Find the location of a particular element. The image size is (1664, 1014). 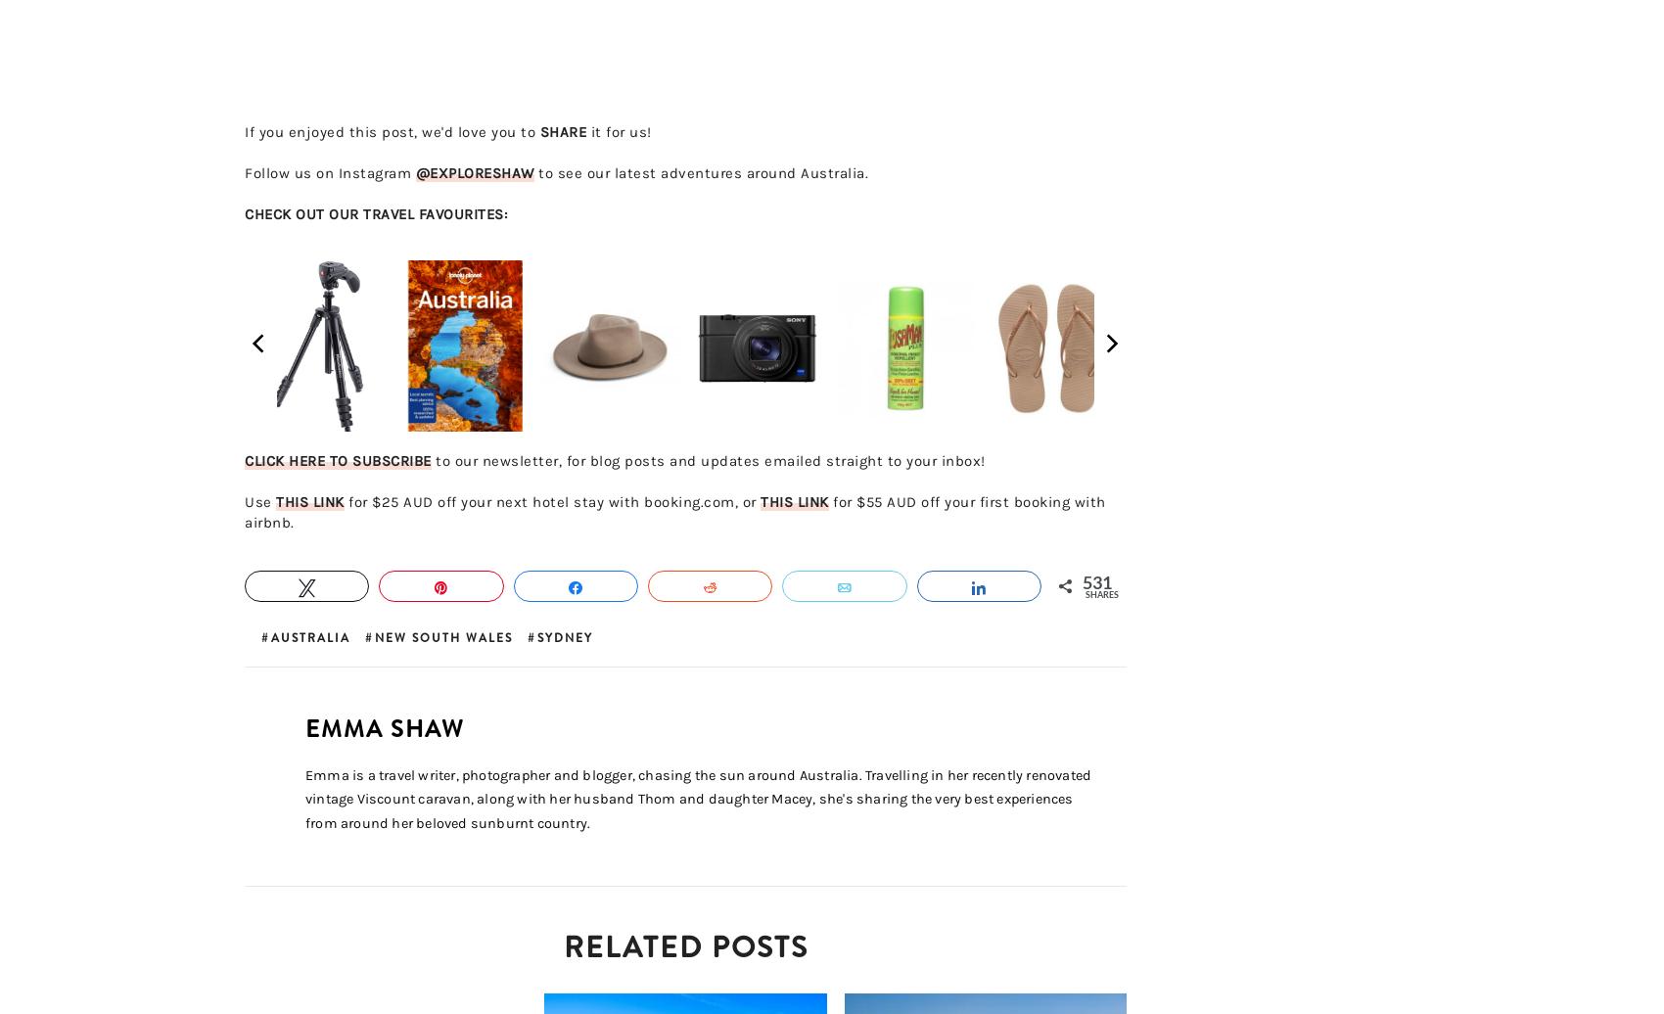

'@EXPLORESHAW' is located at coordinates (413, 172).